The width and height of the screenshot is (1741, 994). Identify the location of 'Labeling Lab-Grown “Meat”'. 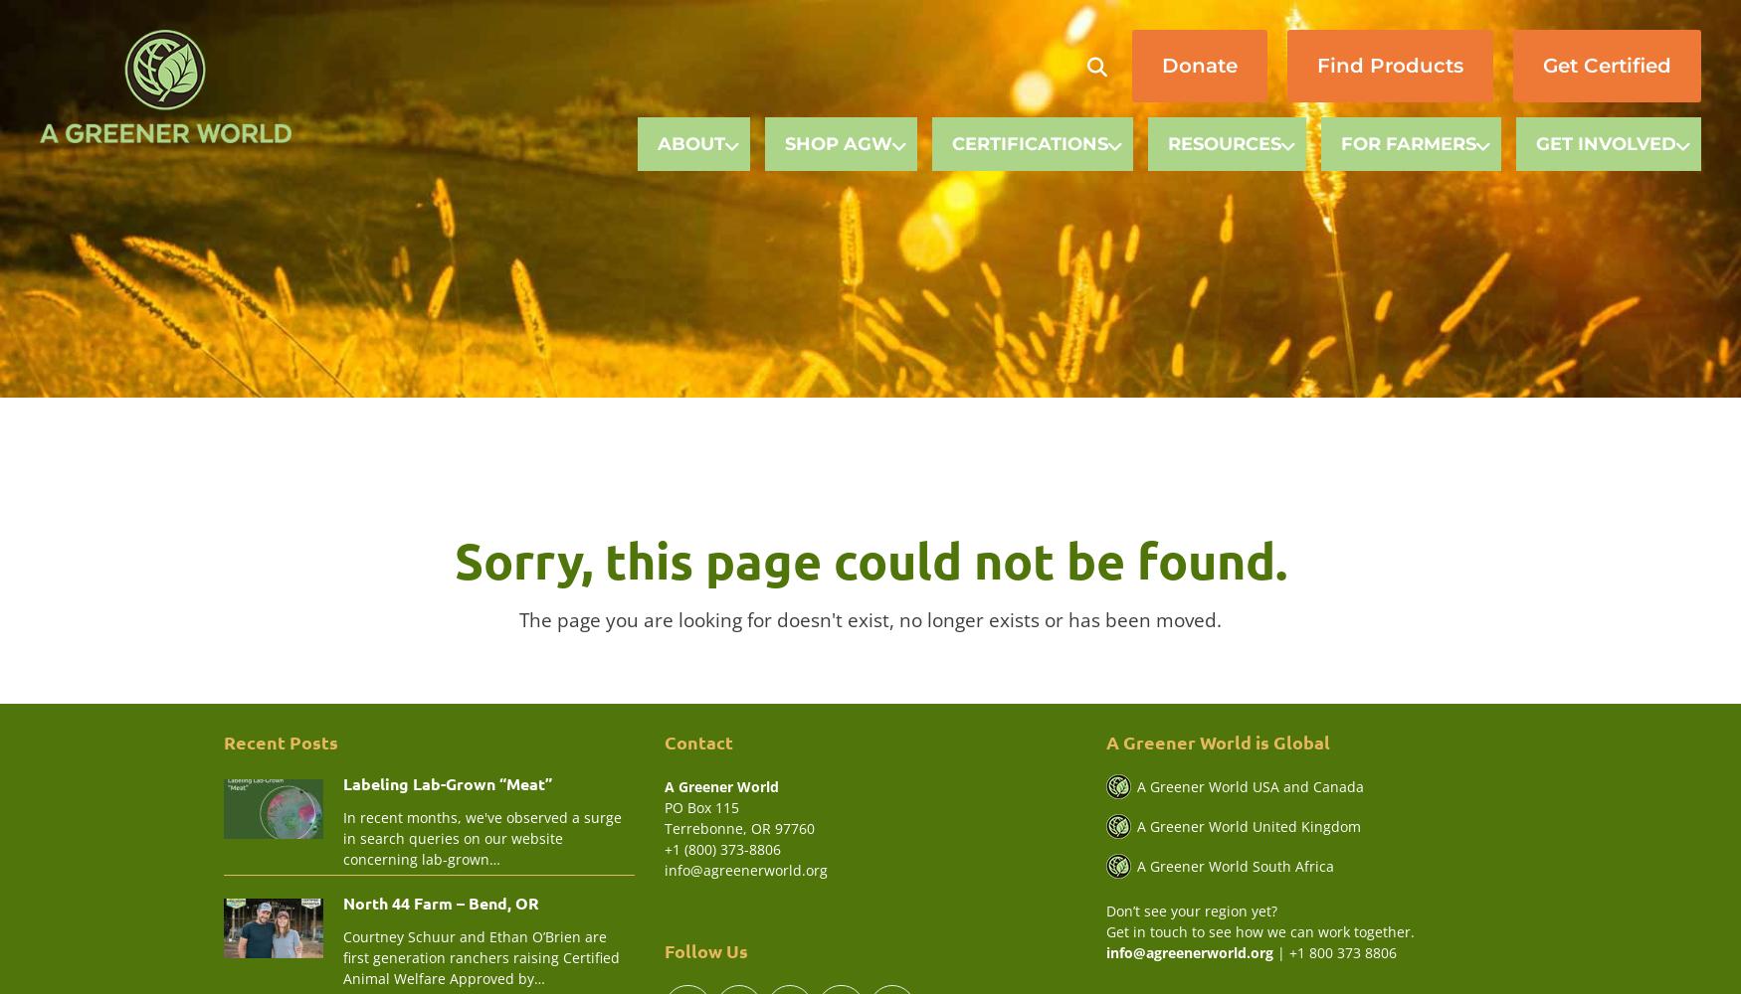
(447, 782).